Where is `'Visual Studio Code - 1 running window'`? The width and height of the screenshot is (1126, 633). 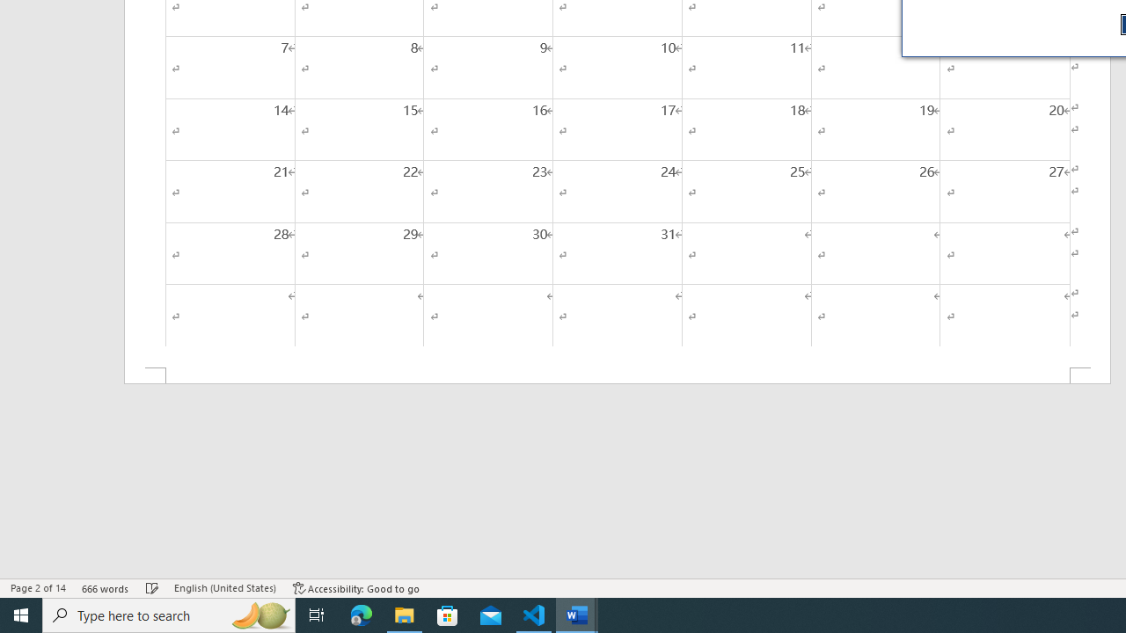
'Visual Studio Code - 1 running window' is located at coordinates (533, 614).